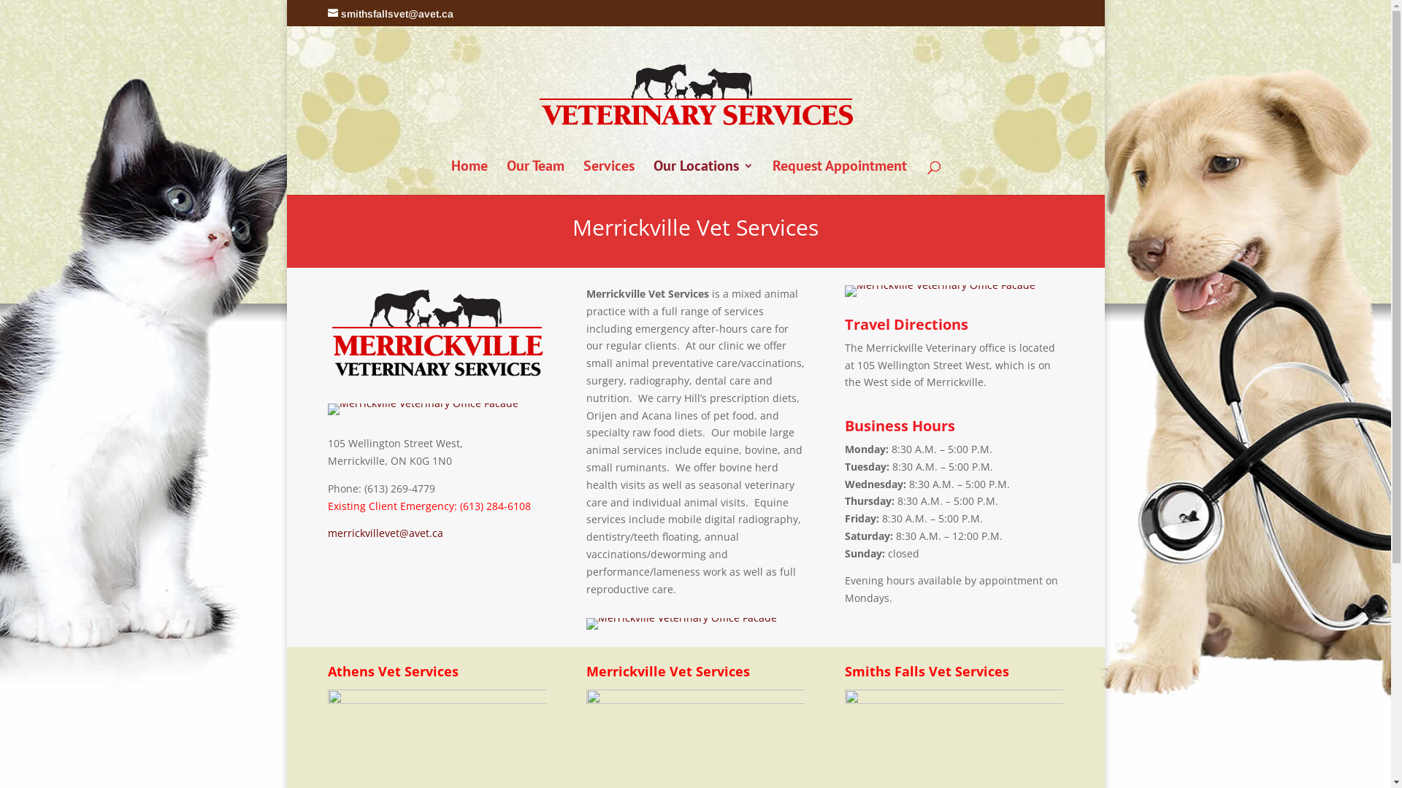 This screenshot has height=788, width=1402. I want to click on 'Our Team', so click(535, 177).